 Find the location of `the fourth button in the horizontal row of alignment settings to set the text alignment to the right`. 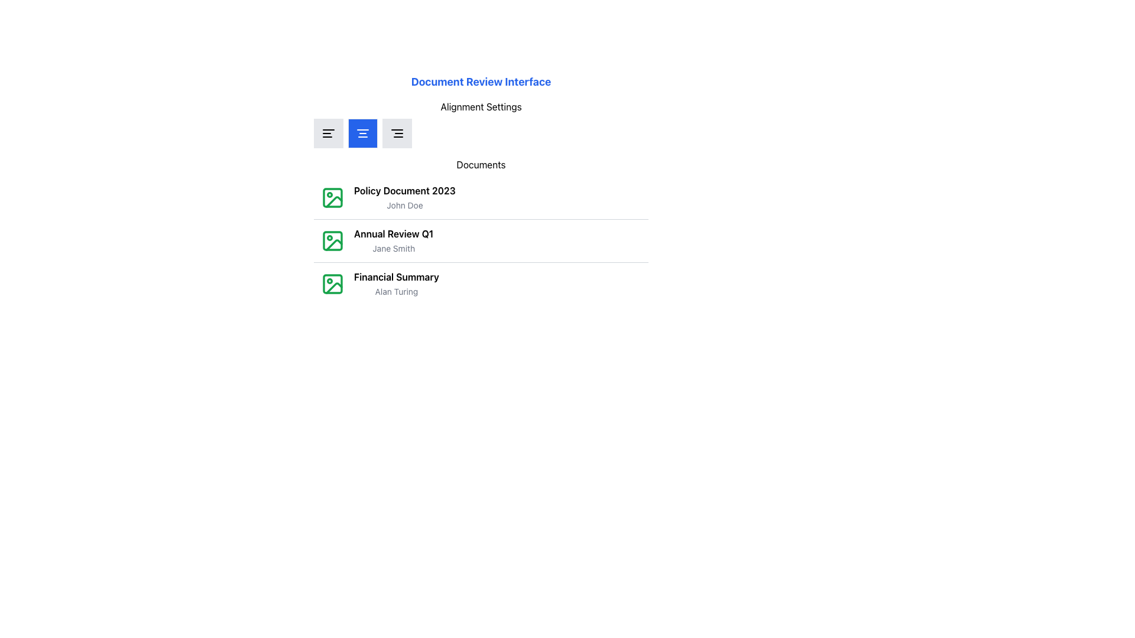

the fourth button in the horizontal row of alignment settings to set the text alignment to the right is located at coordinates (397, 133).